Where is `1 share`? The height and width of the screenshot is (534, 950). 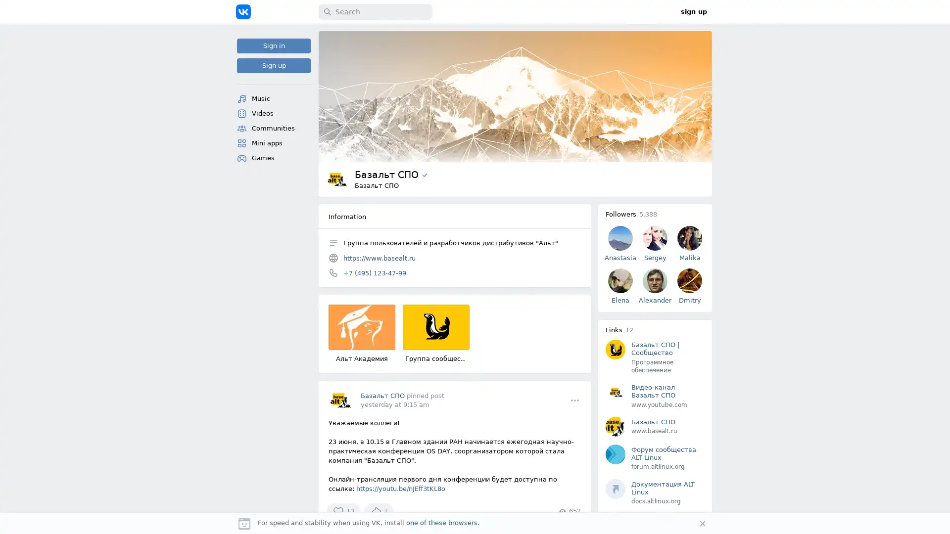
1 share is located at coordinates (379, 511).